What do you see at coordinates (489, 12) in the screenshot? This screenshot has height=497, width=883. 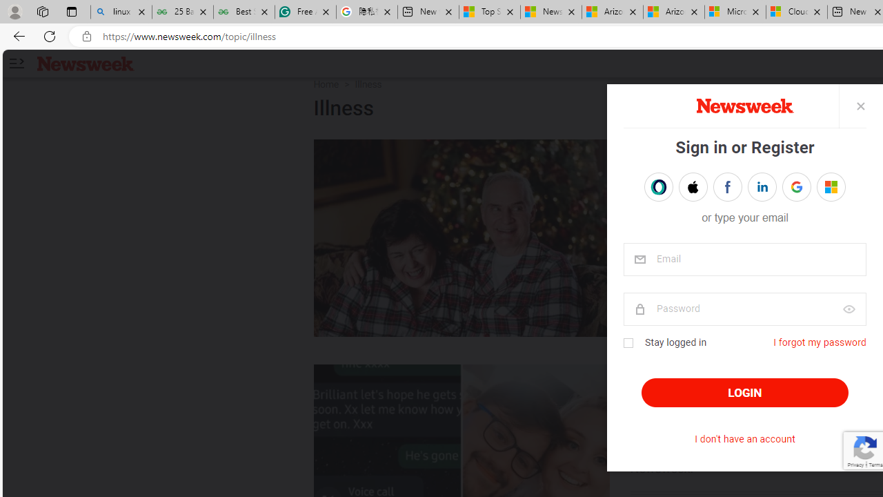 I see `'Top Stories - MSN'` at bounding box center [489, 12].